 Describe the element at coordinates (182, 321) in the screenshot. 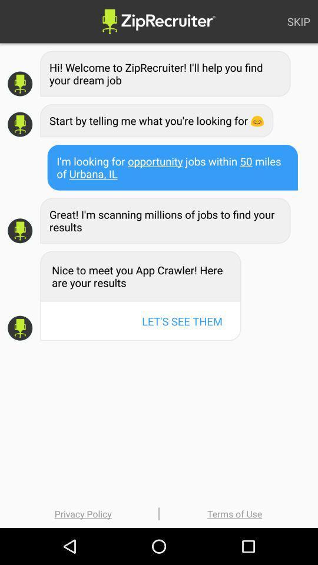

I see `item below the nice to meet` at that location.